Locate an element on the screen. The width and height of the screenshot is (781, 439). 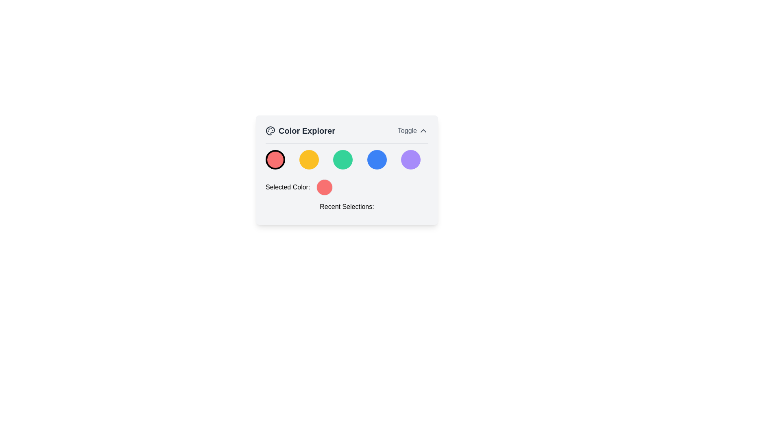
the toggle button for the 'Color Explorer' section to change the text color is located at coordinates (413, 130).